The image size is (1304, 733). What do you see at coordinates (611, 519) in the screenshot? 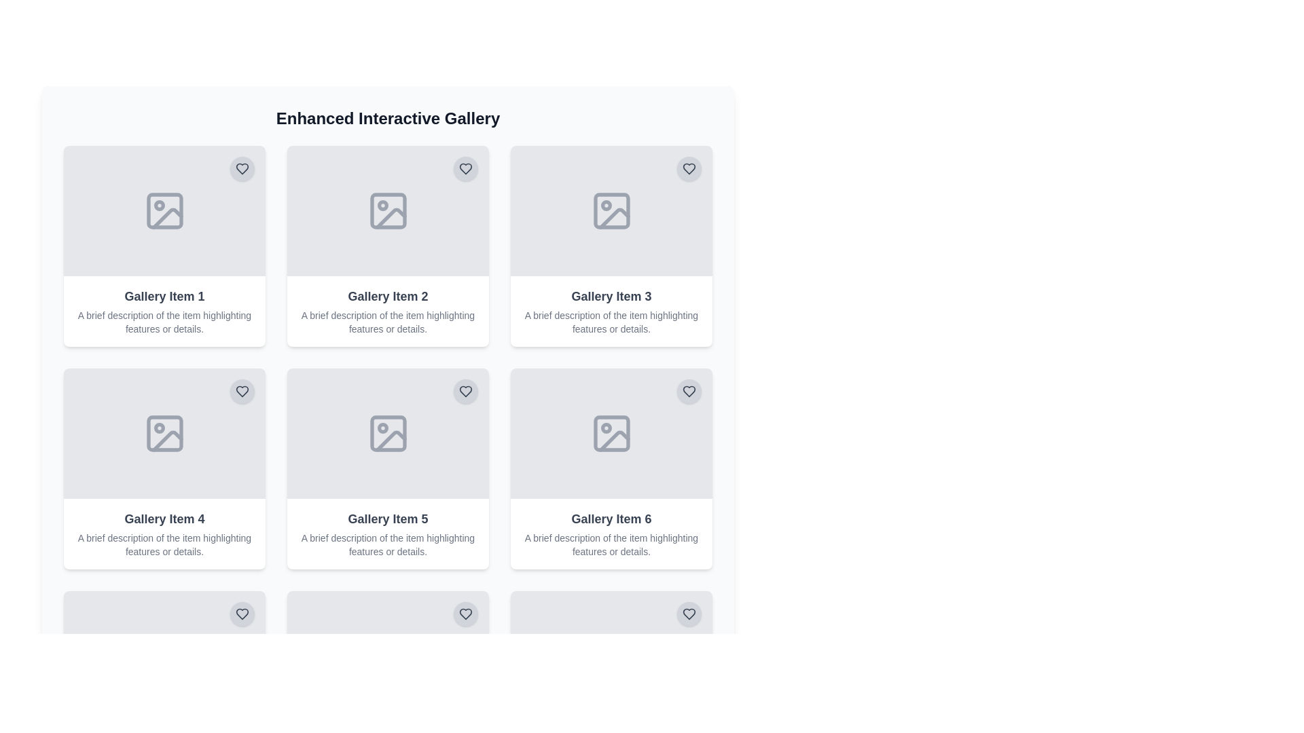
I see `the header text element displaying 'Gallery Item 6', which is bolded and prominently positioned in dark gray at the bottom right of the grid layout` at bounding box center [611, 519].